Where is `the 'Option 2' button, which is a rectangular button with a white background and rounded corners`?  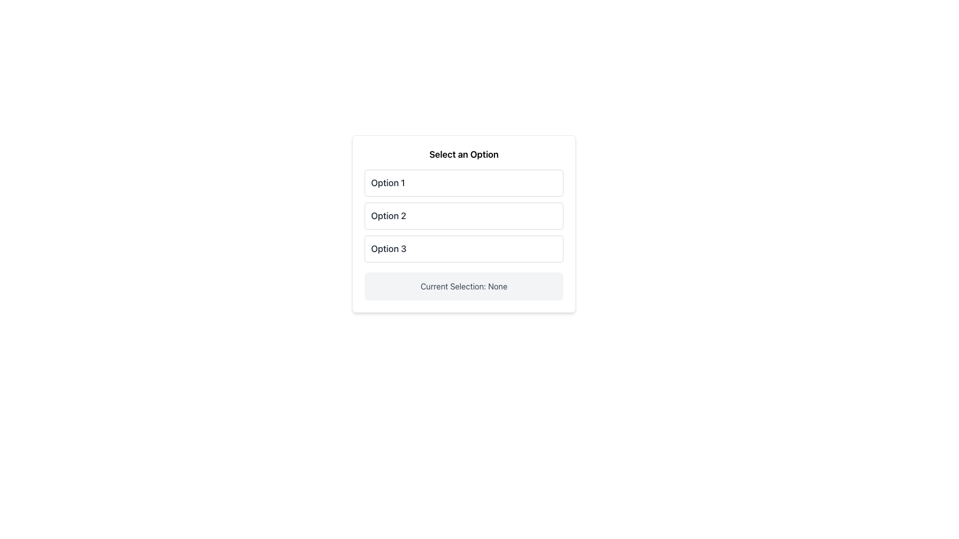 the 'Option 2' button, which is a rectangular button with a white background and rounded corners is located at coordinates (464, 215).